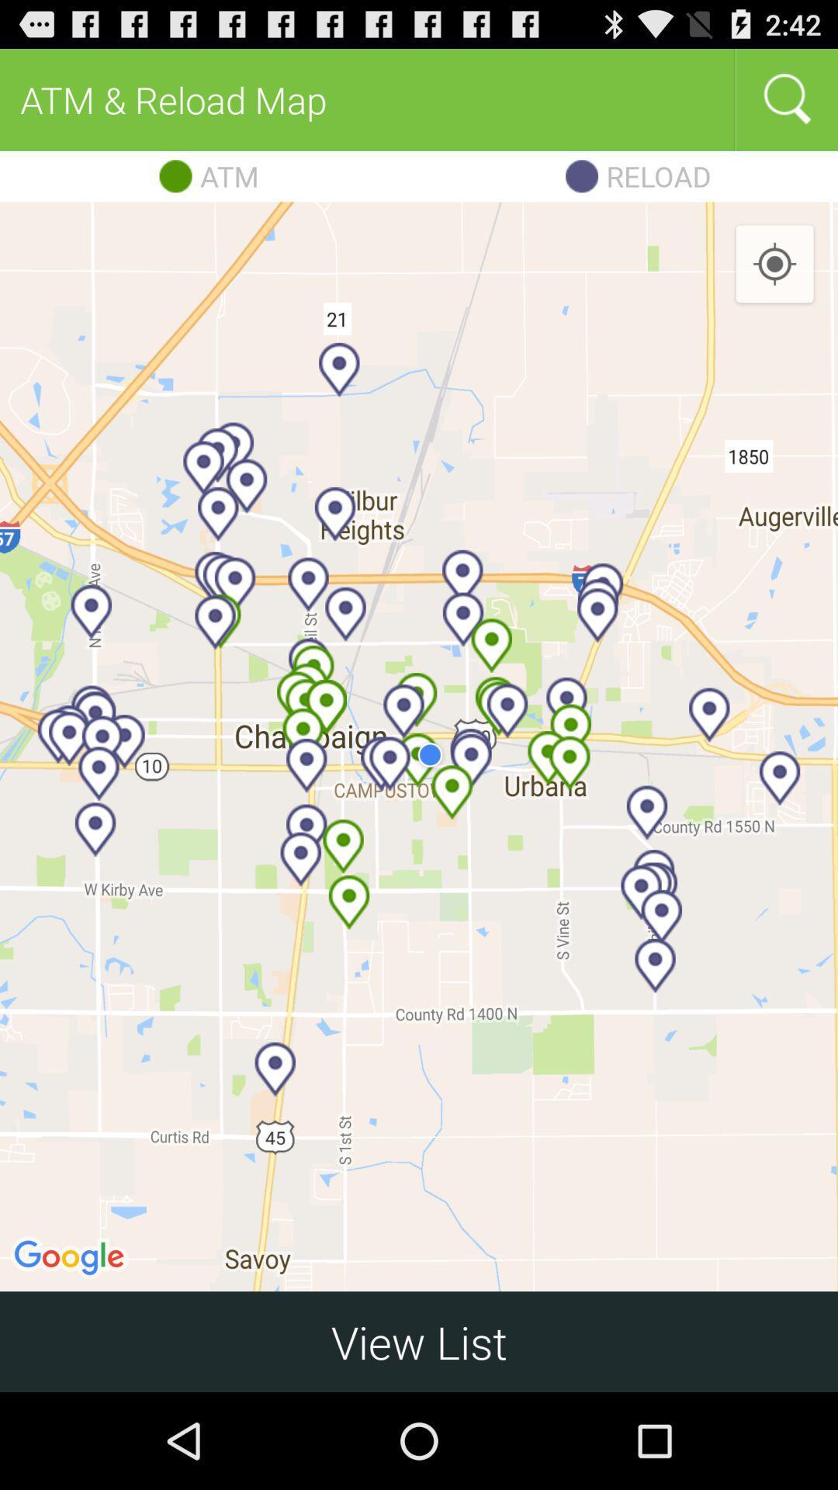  What do you see at coordinates (774, 283) in the screenshot?
I see `the location_crosshair icon` at bounding box center [774, 283].